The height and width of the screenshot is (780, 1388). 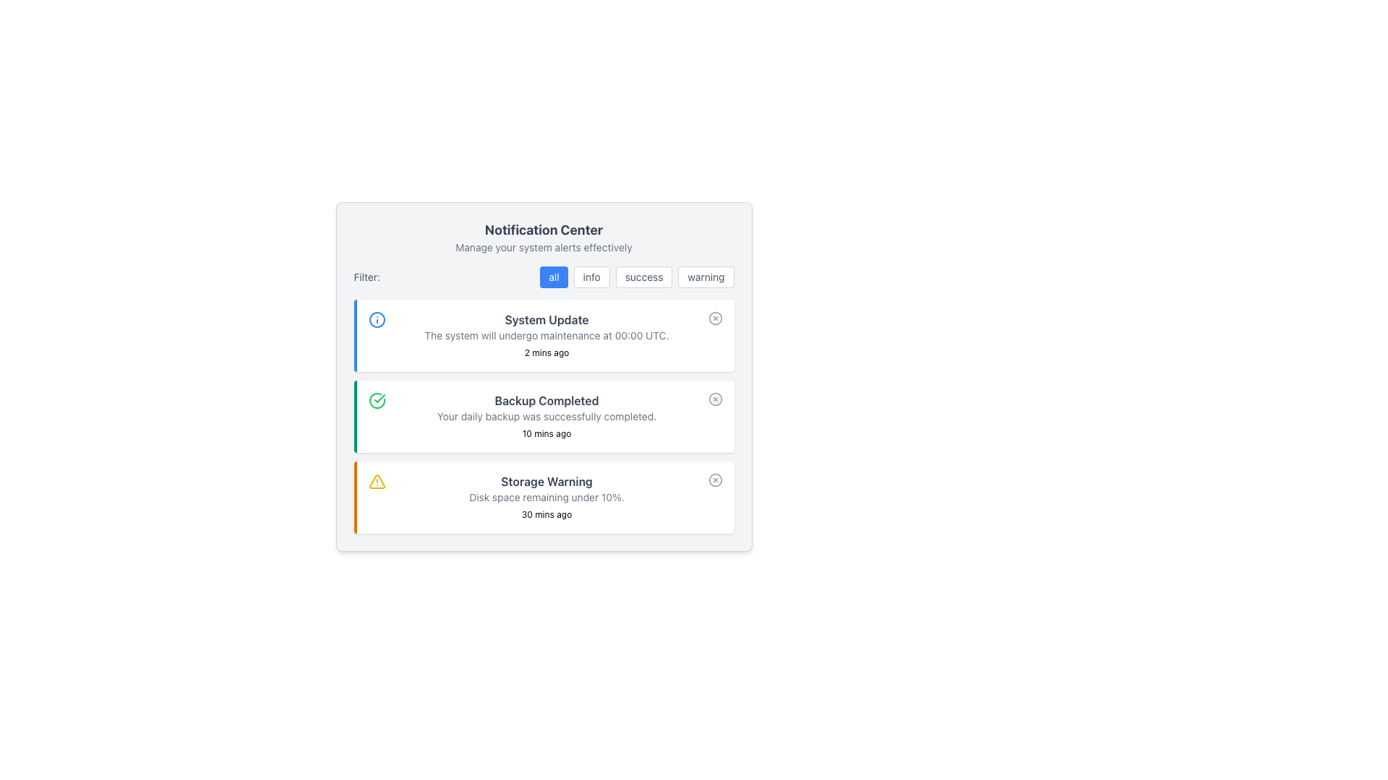 What do you see at coordinates (546, 417) in the screenshot?
I see `the notification element indicating a successful backup completion, which contains the text 'Backup Completed', 'Your daily backup was successfully completed.', and '10 mins ago' within a white box with a green left border` at bounding box center [546, 417].